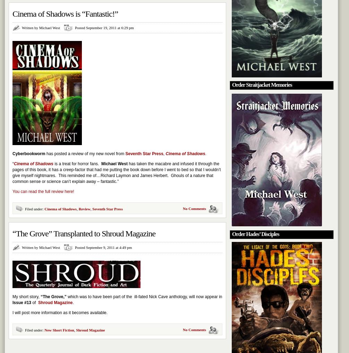 The image size is (349, 353). Describe the element at coordinates (60, 312) in the screenshot. I see `'I will post more information as it becomes available.'` at that location.